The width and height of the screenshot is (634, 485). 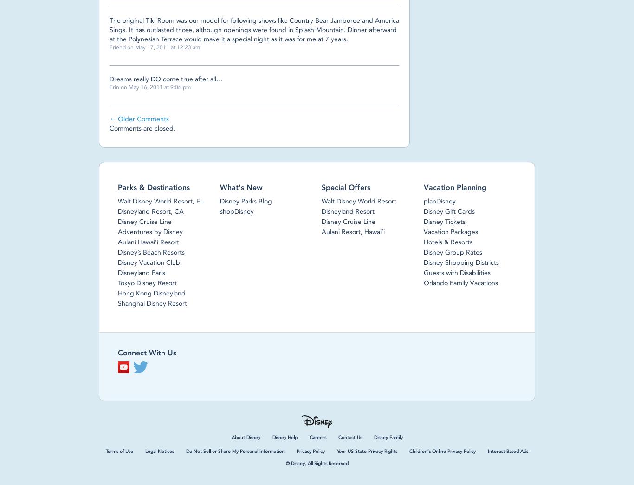 What do you see at coordinates (423, 200) in the screenshot?
I see `'planDisney'` at bounding box center [423, 200].